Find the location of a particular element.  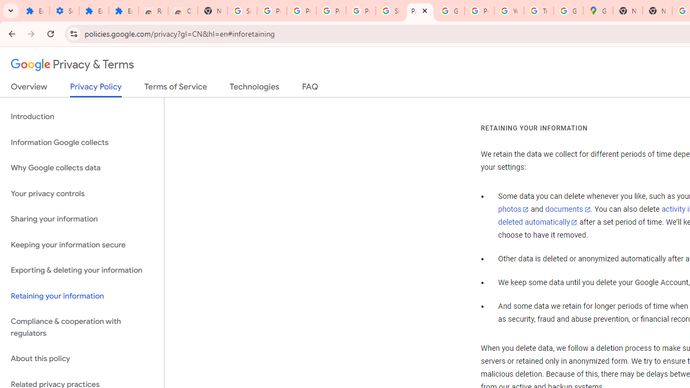

'Retaining your information' is located at coordinates (81, 296).